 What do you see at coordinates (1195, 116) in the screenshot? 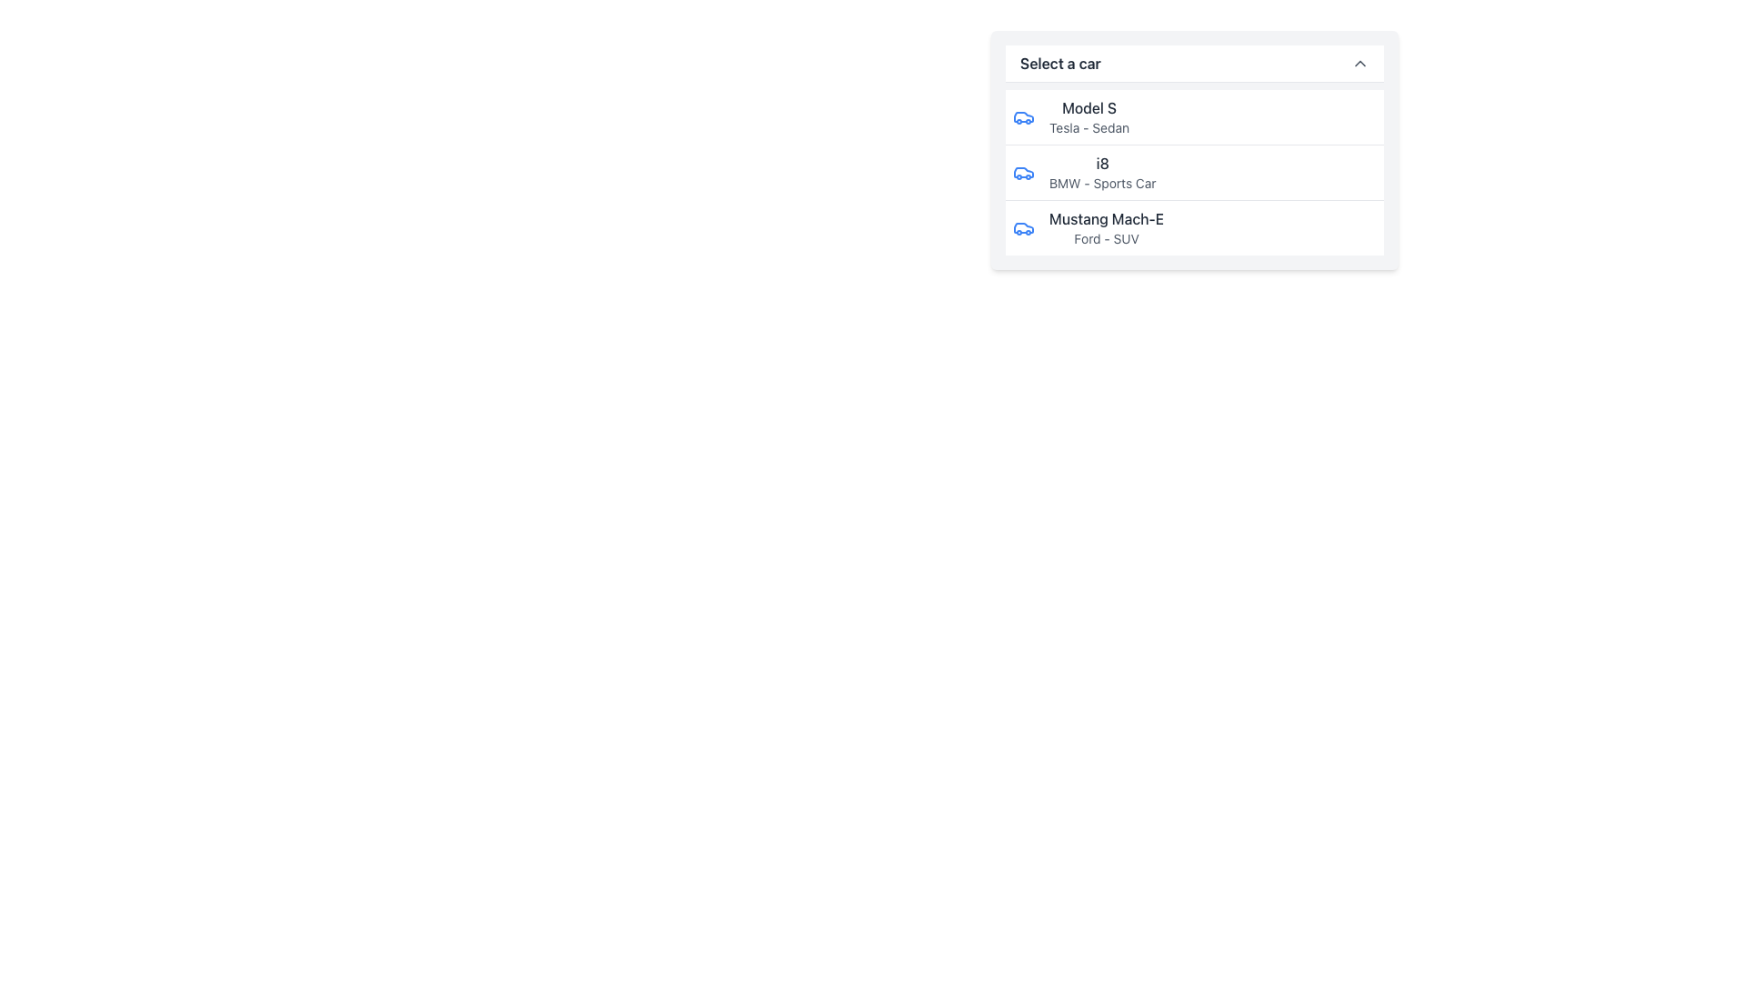
I see `the first list item in the selectable car list for 'Model S - Tesla - Sedan'` at bounding box center [1195, 116].